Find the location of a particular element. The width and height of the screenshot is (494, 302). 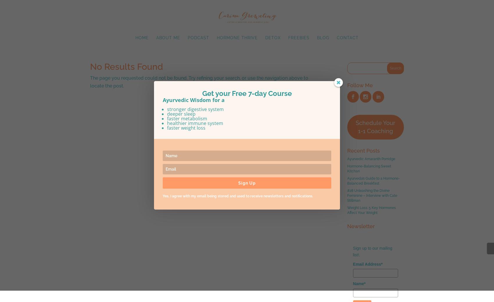

'Freebies' is located at coordinates (298, 37).